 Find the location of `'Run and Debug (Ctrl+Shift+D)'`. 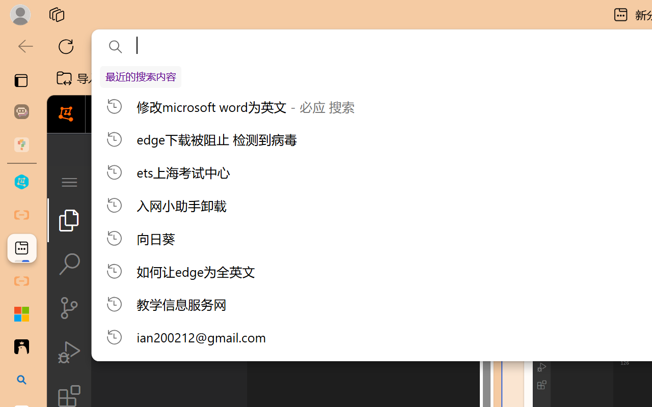

'Run and Debug (Ctrl+Shift+D)' is located at coordinates (68, 352).